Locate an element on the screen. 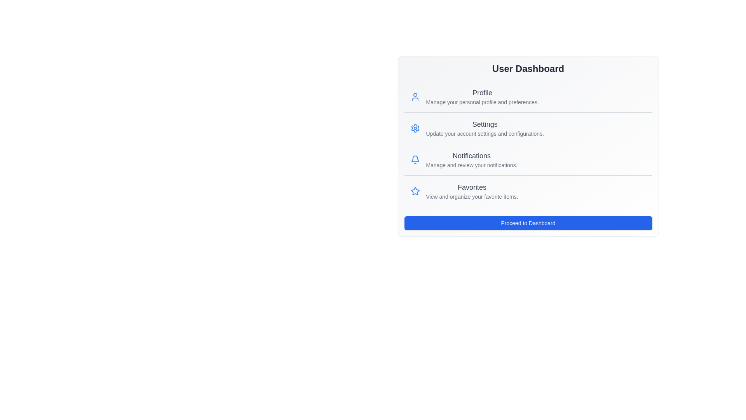 The width and height of the screenshot is (746, 420). descriptive text under the bold title 'Settings', which provides information about updating account settings and configurations is located at coordinates (485, 128).